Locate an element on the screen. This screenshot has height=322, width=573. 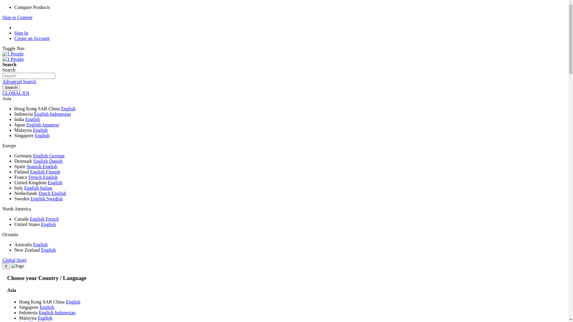
'Advanced Search' is located at coordinates (2, 81).